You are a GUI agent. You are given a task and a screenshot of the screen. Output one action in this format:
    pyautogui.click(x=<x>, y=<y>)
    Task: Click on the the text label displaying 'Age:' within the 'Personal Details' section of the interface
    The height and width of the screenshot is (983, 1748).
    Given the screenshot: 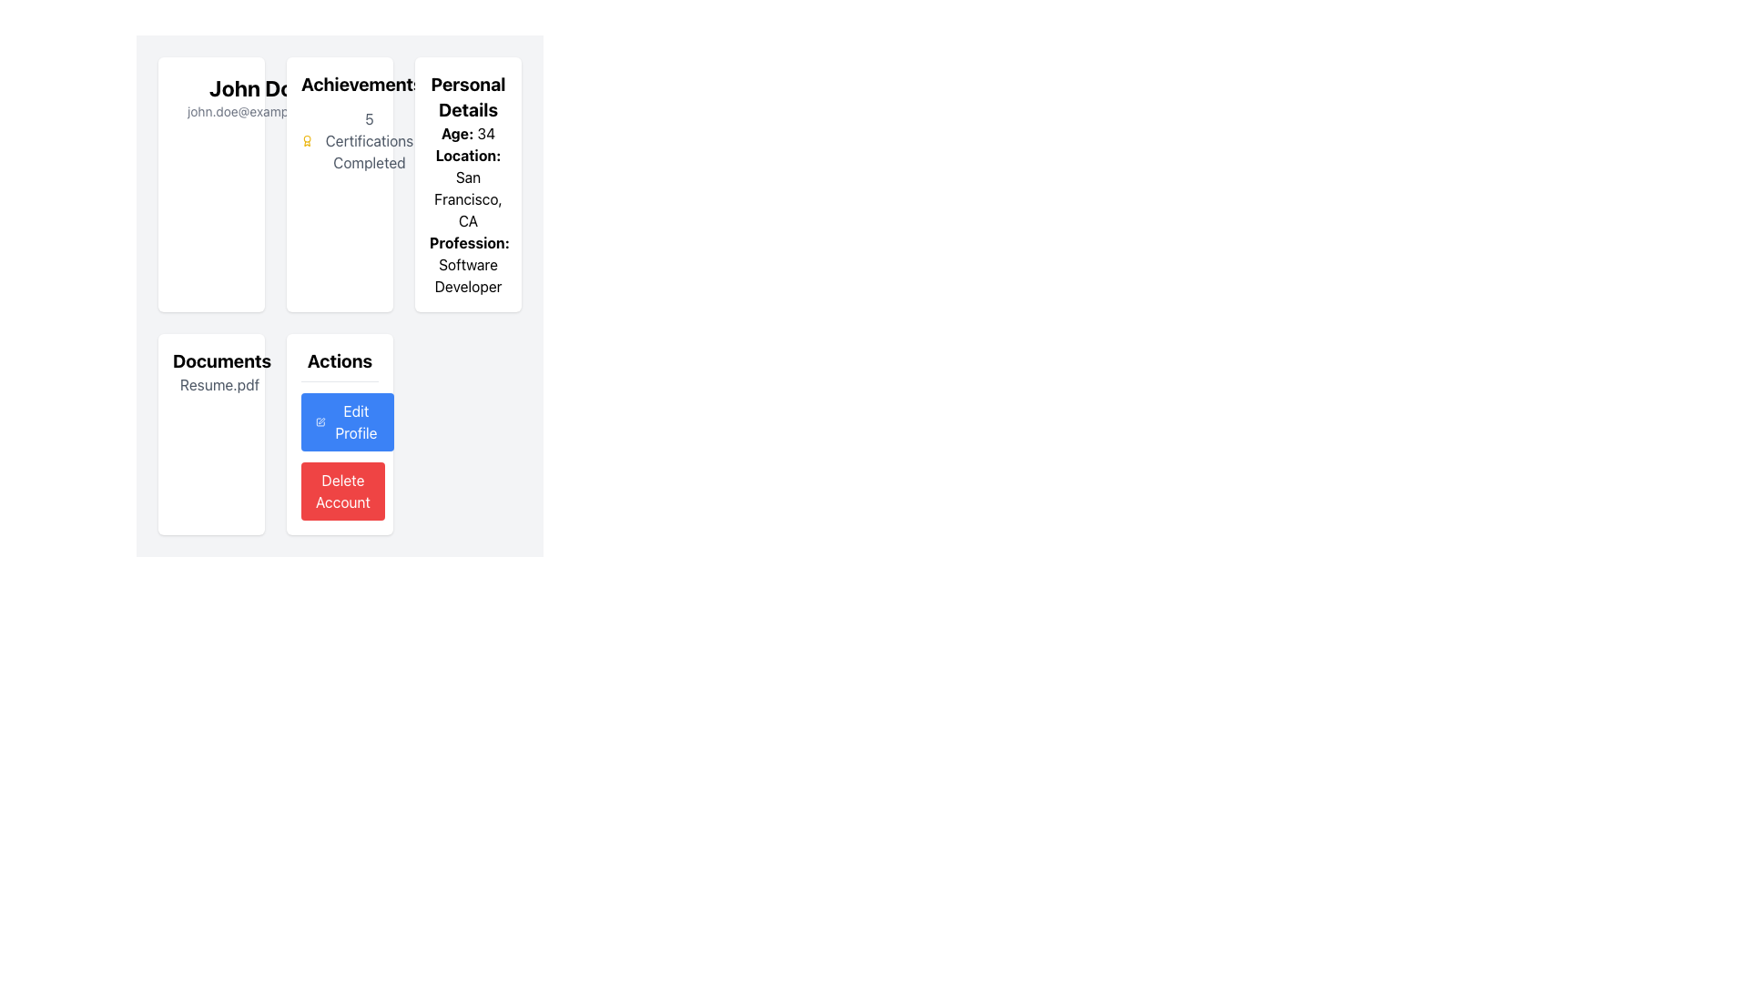 What is the action you would take?
    pyautogui.click(x=457, y=132)
    